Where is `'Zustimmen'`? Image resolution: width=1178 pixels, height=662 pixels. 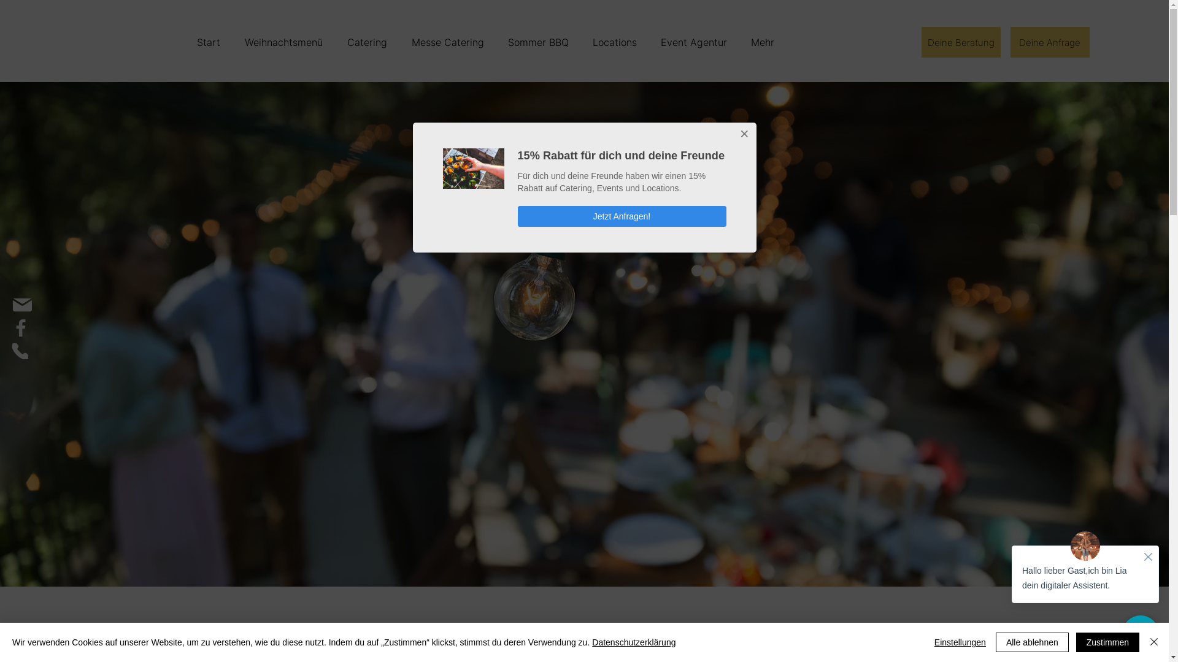 'Zustimmen' is located at coordinates (1107, 642).